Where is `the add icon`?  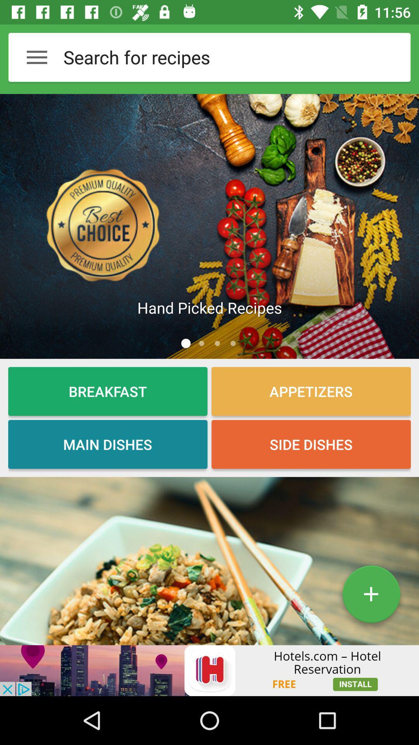
the add icon is located at coordinates (371, 597).